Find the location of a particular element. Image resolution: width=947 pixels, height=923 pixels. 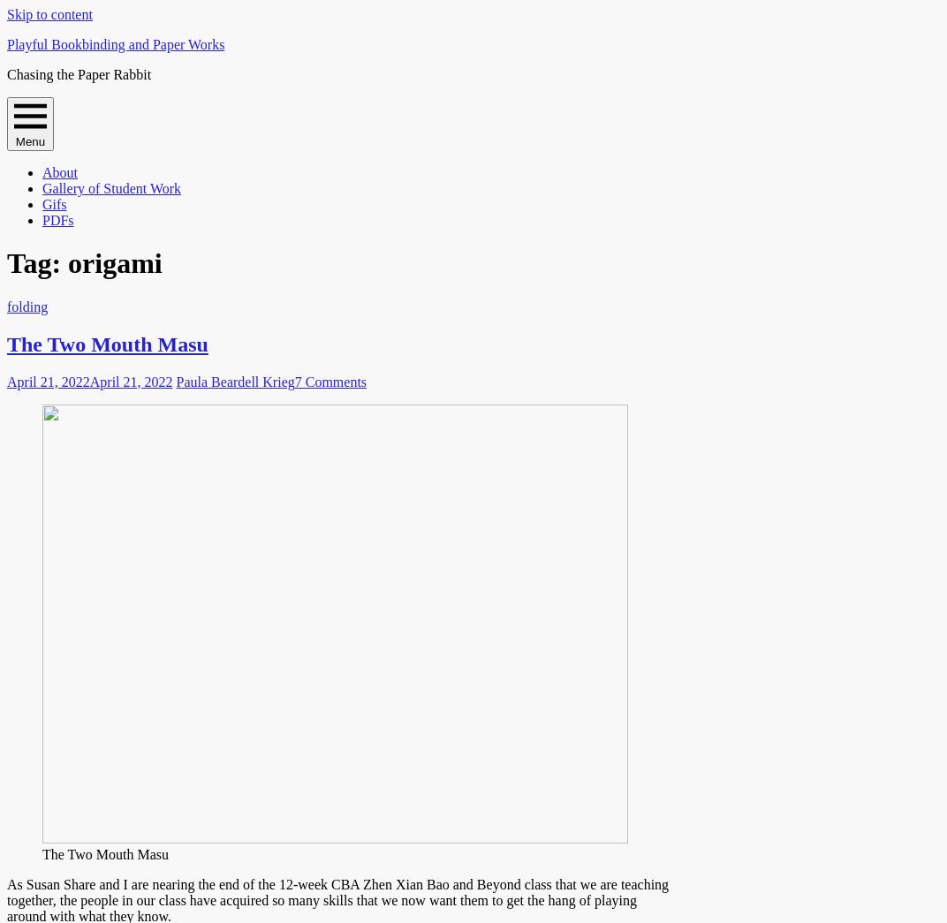

'PDFs' is located at coordinates (57, 219).